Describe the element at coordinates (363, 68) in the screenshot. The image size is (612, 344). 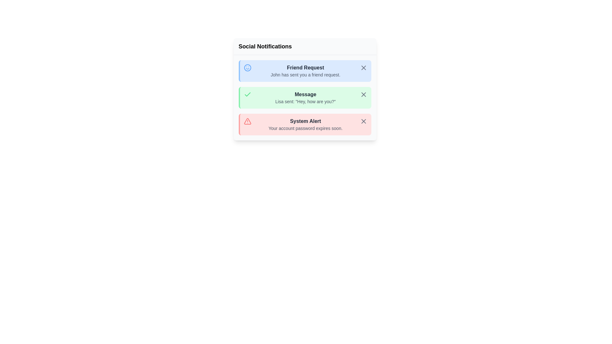
I see `the small gray button with an 'X' icon in the top-right corner of the 'Friend Request' notification panel` at that location.